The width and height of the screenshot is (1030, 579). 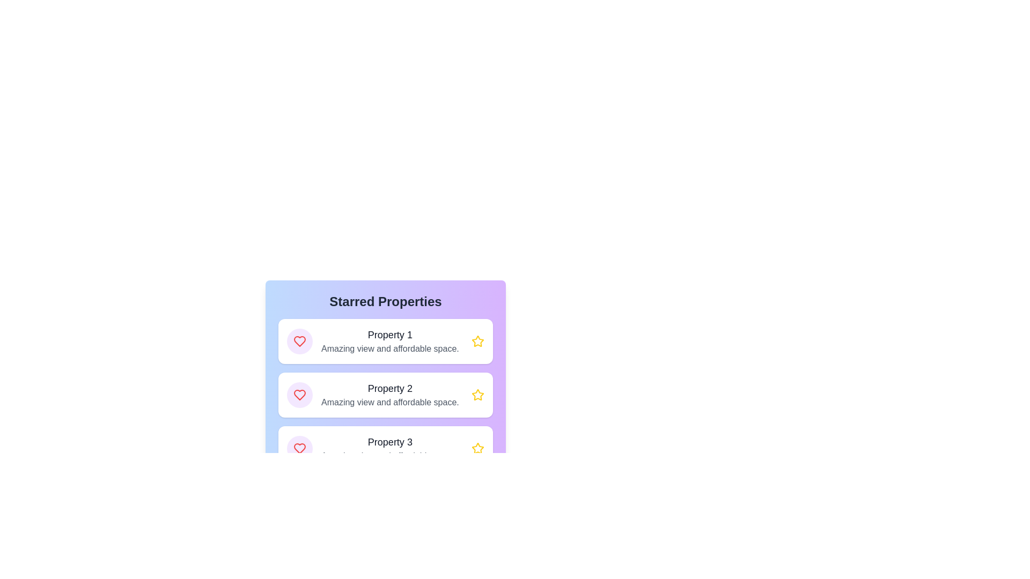 What do you see at coordinates (477, 341) in the screenshot?
I see `the star icon with a yellow outline in the top-right corner of the card labeled 'Property 1'` at bounding box center [477, 341].